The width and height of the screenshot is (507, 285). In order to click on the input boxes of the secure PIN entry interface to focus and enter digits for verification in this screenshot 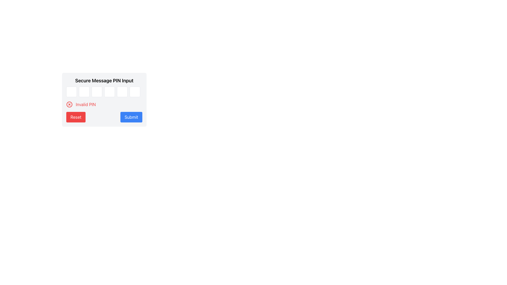, I will do `click(104, 100)`.